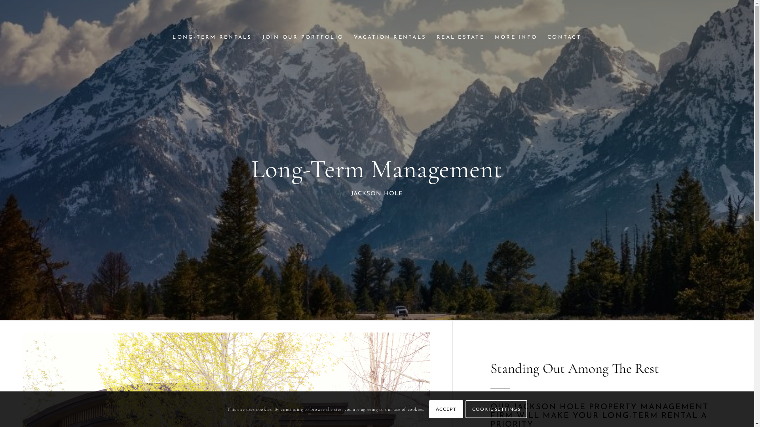 This screenshot has height=427, width=760. What do you see at coordinates (446, 409) in the screenshot?
I see `'ACCEPT'` at bounding box center [446, 409].